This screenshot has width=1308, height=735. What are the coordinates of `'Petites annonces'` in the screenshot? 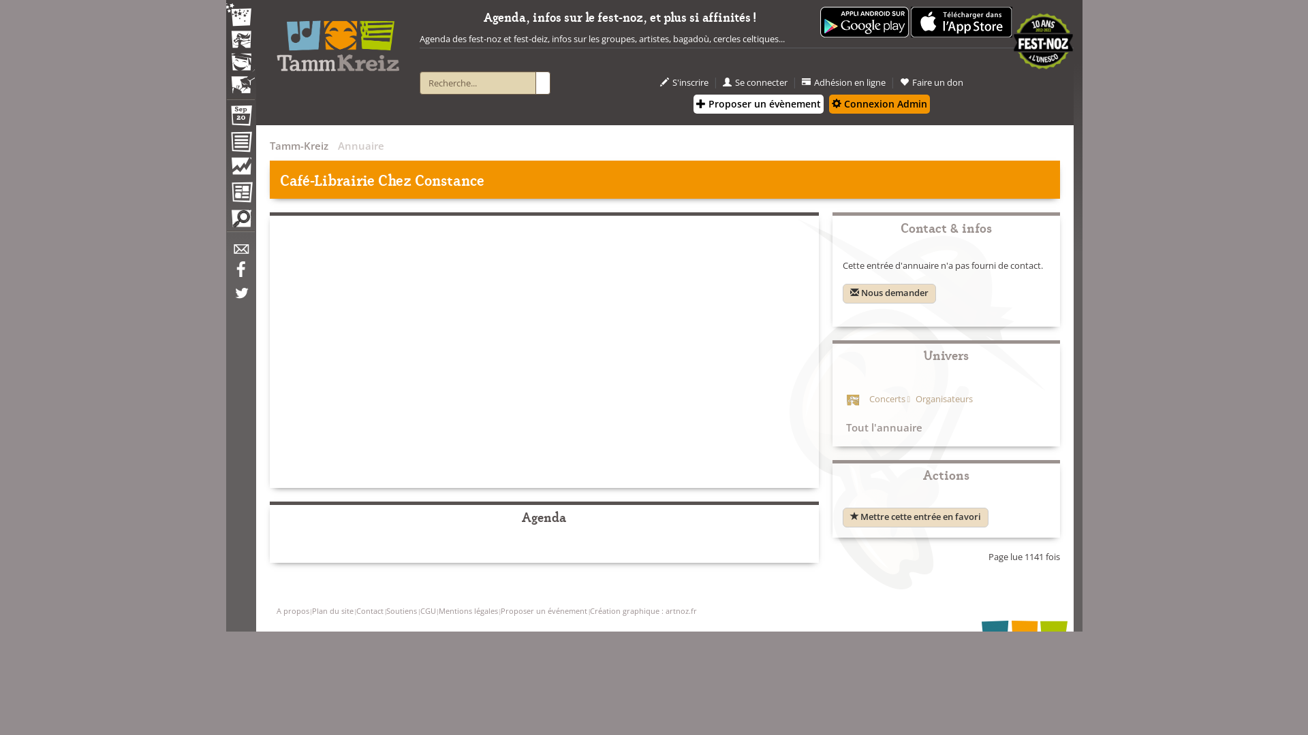 It's located at (240, 221).